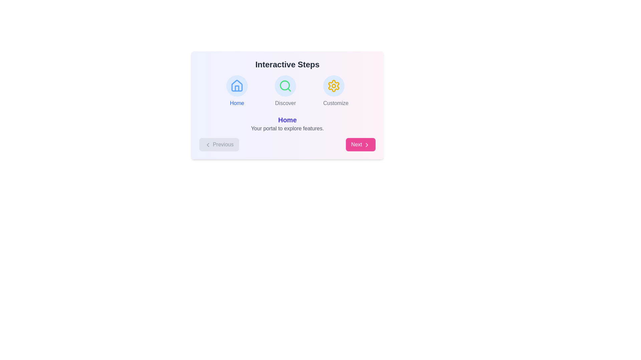 The image size is (641, 360). What do you see at coordinates (285, 86) in the screenshot?
I see `the visual design of the 'Discover' icon, which is centrally positioned between the 'Home' and 'Customize' icons in the card interface` at bounding box center [285, 86].